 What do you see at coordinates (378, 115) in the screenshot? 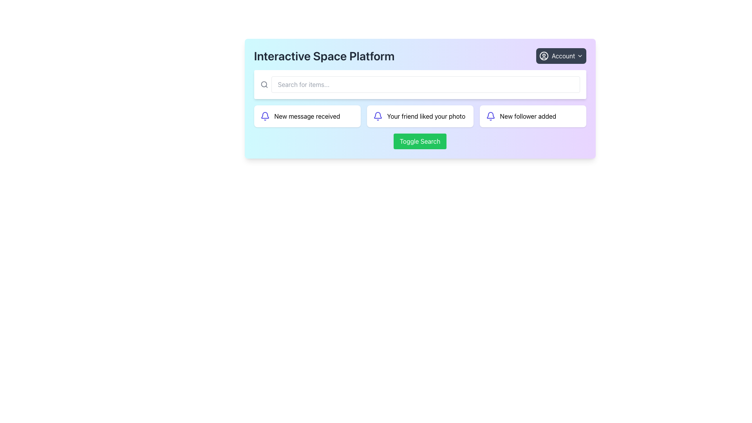
I see `style properties of the main bell shape vector graphic within the SVG icon that represents the notification system by using developer tools` at bounding box center [378, 115].